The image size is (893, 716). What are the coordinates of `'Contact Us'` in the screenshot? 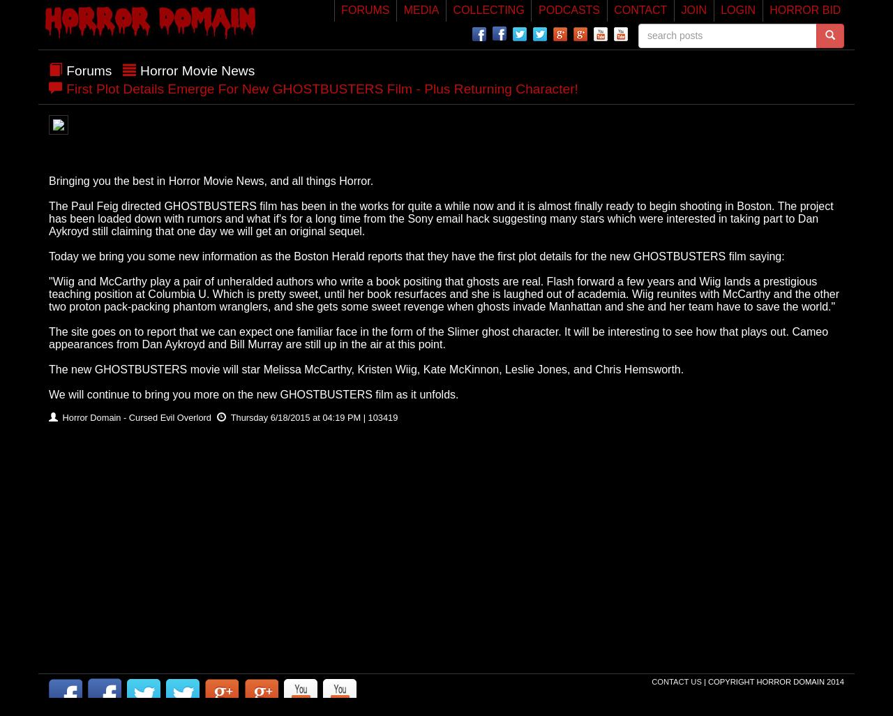 It's located at (677, 680).